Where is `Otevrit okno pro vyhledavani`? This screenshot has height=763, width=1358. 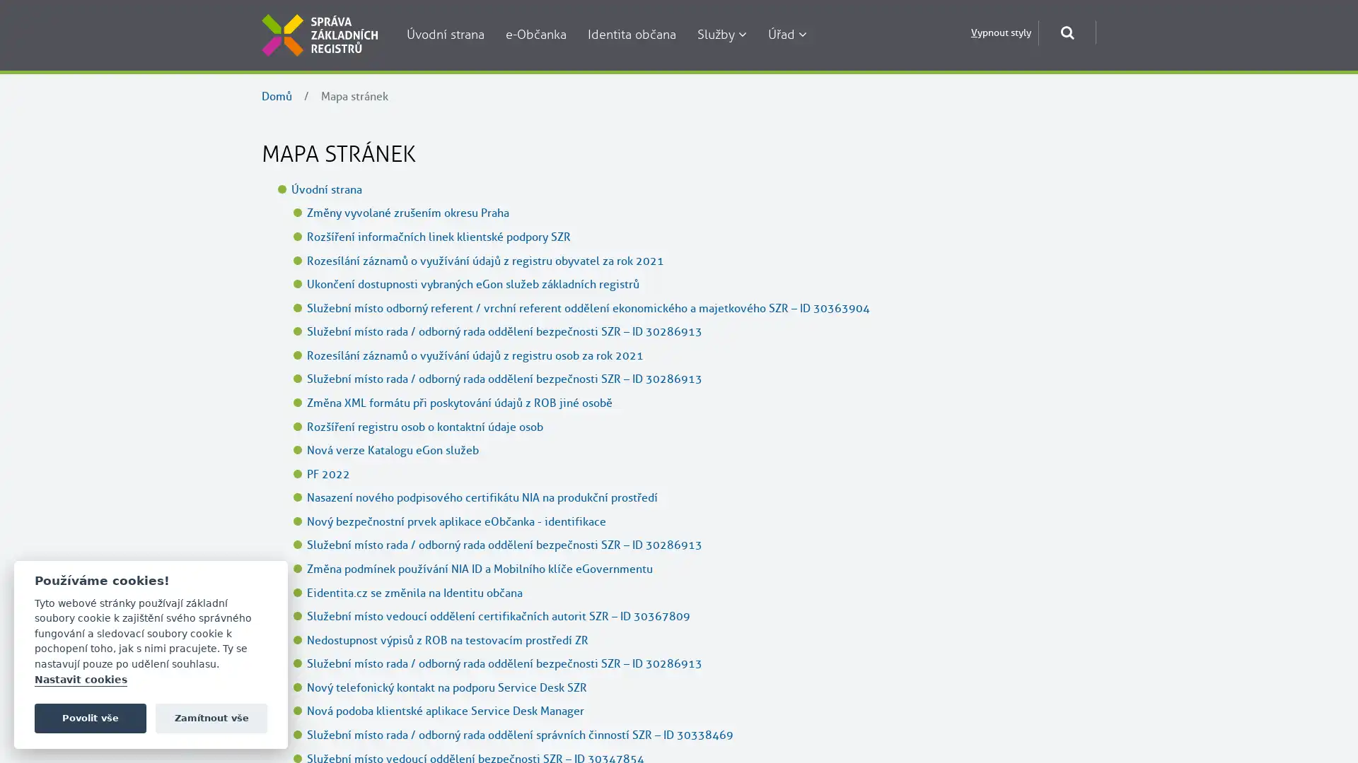
Otevrit okno pro vyhledavani is located at coordinates (1067, 32).